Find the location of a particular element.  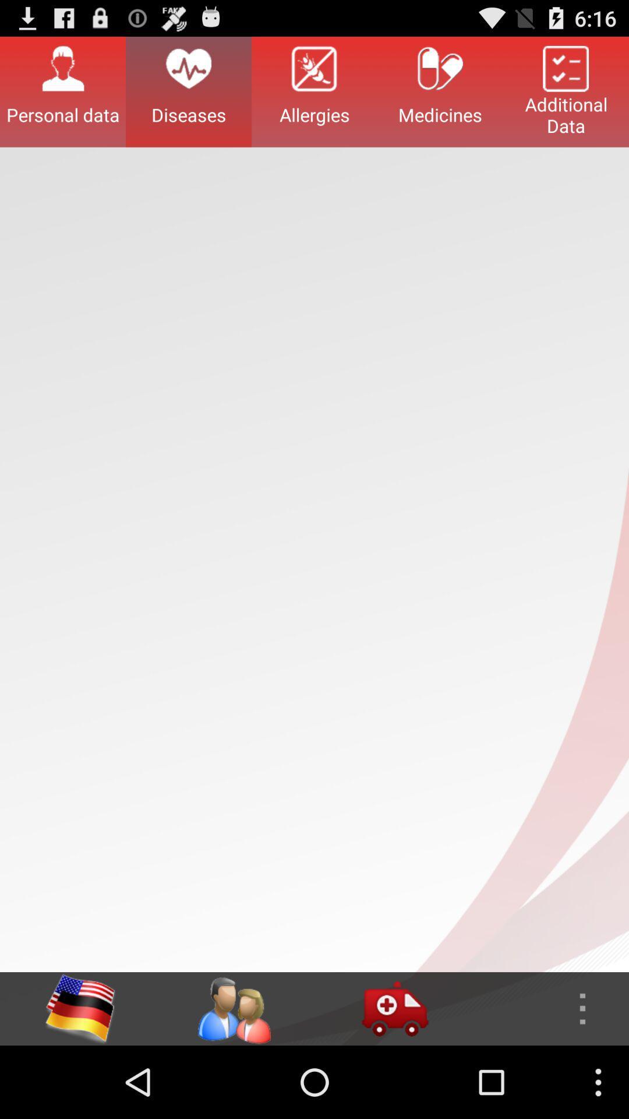

button next to the diseases item is located at coordinates (63, 91).